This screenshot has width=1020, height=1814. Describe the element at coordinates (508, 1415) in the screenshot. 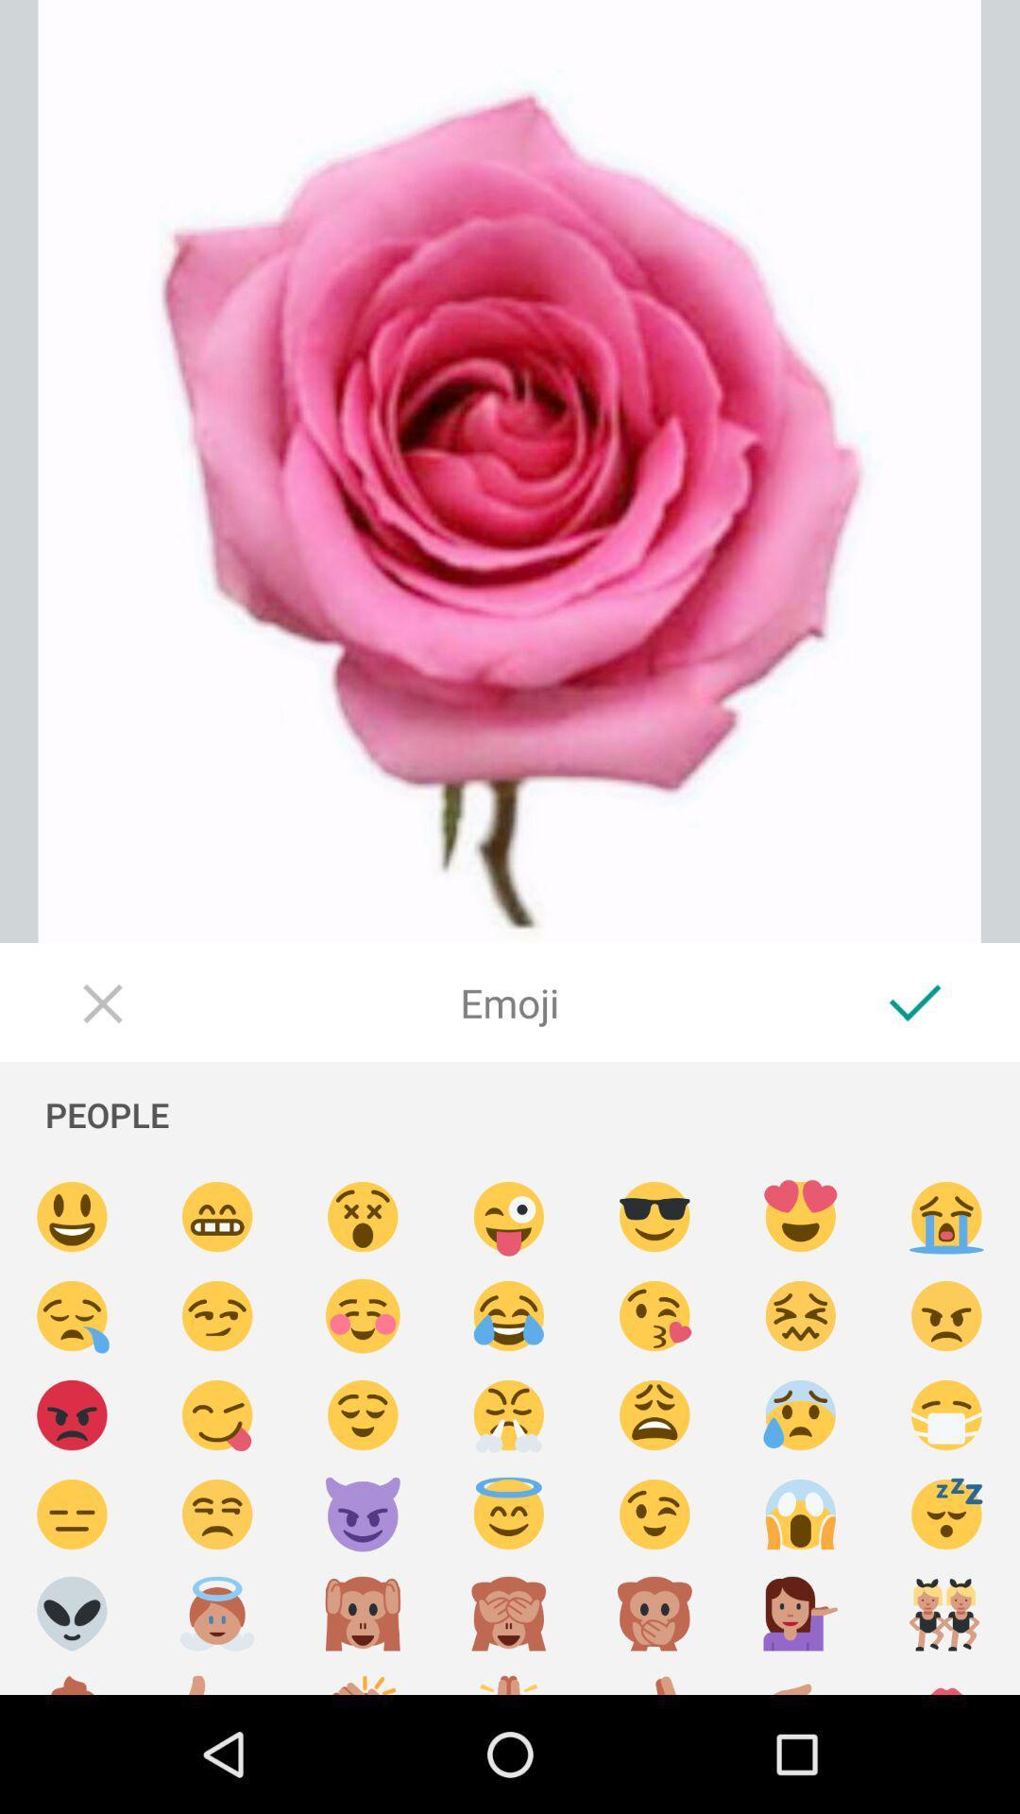

I see `selects an emoji` at that location.